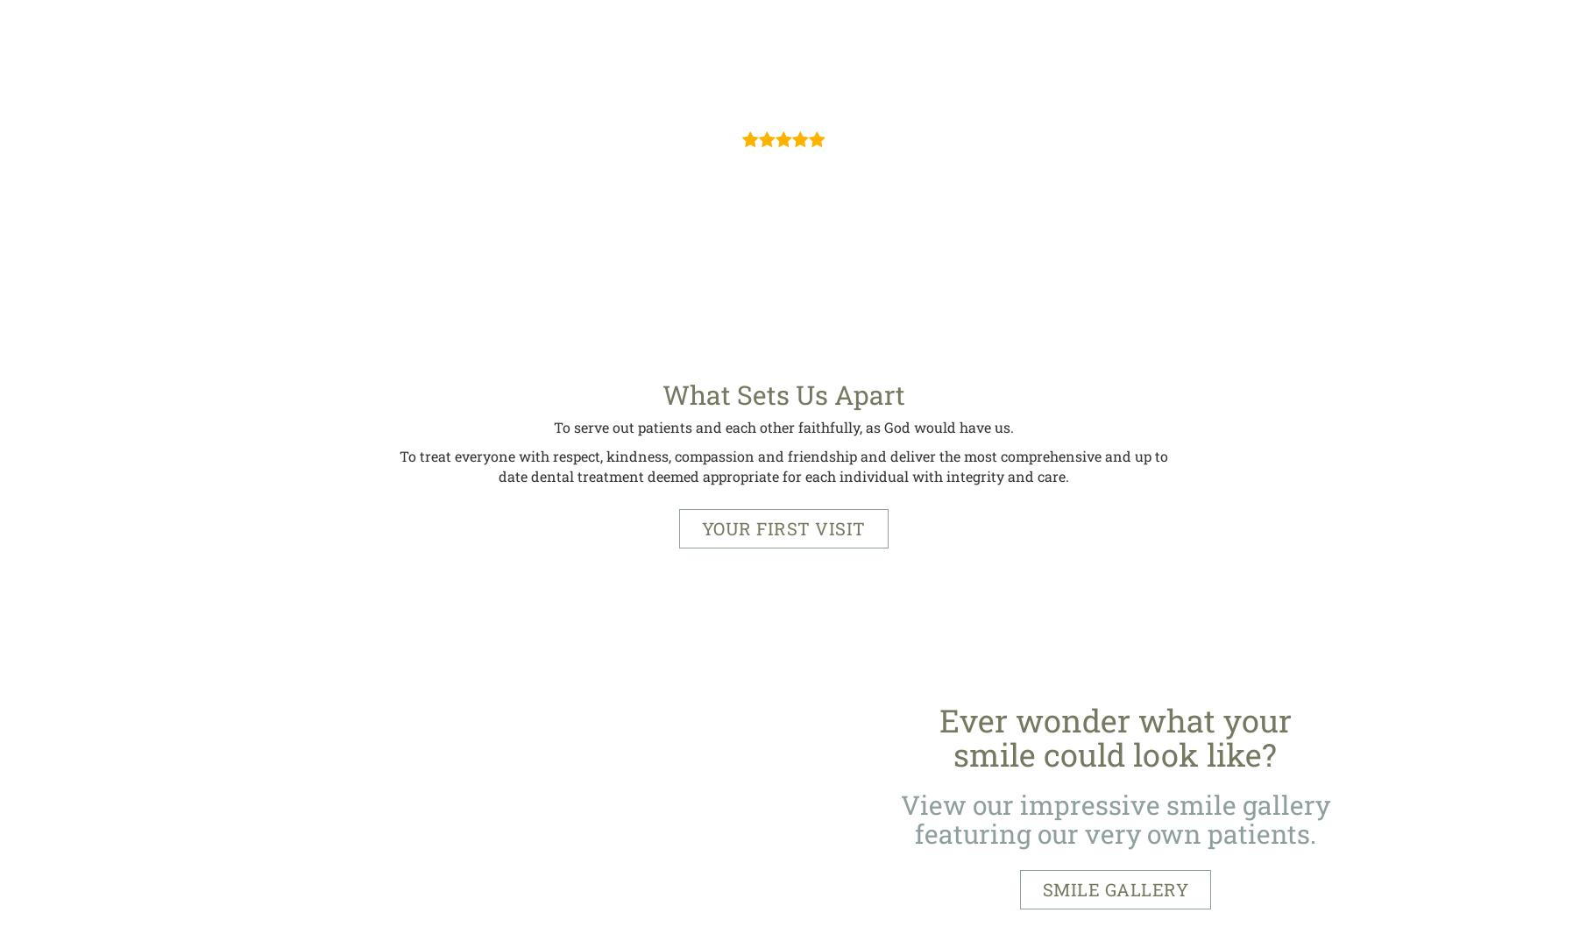 The height and width of the screenshot is (934, 1580). What do you see at coordinates (783, 90) in the screenshot?
I see `'Oct 2023'` at bounding box center [783, 90].